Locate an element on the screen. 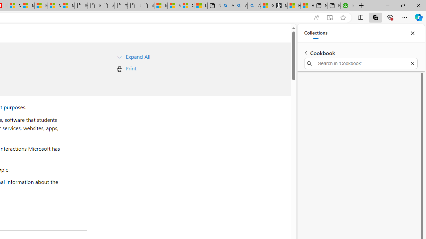  'Back to list of collections' is located at coordinates (306, 52).